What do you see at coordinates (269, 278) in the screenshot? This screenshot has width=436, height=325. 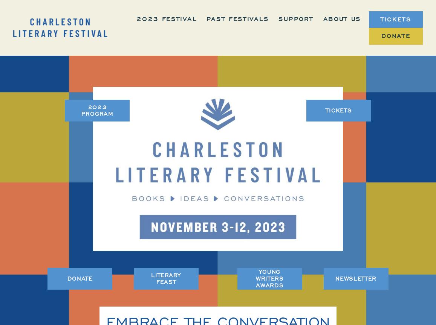 I see `'YOUNG WRITERS AWARDS'` at bounding box center [269, 278].